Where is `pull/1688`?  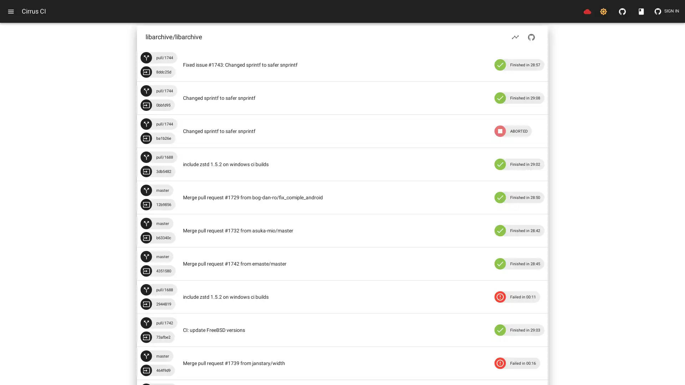
pull/1688 is located at coordinates (158, 156).